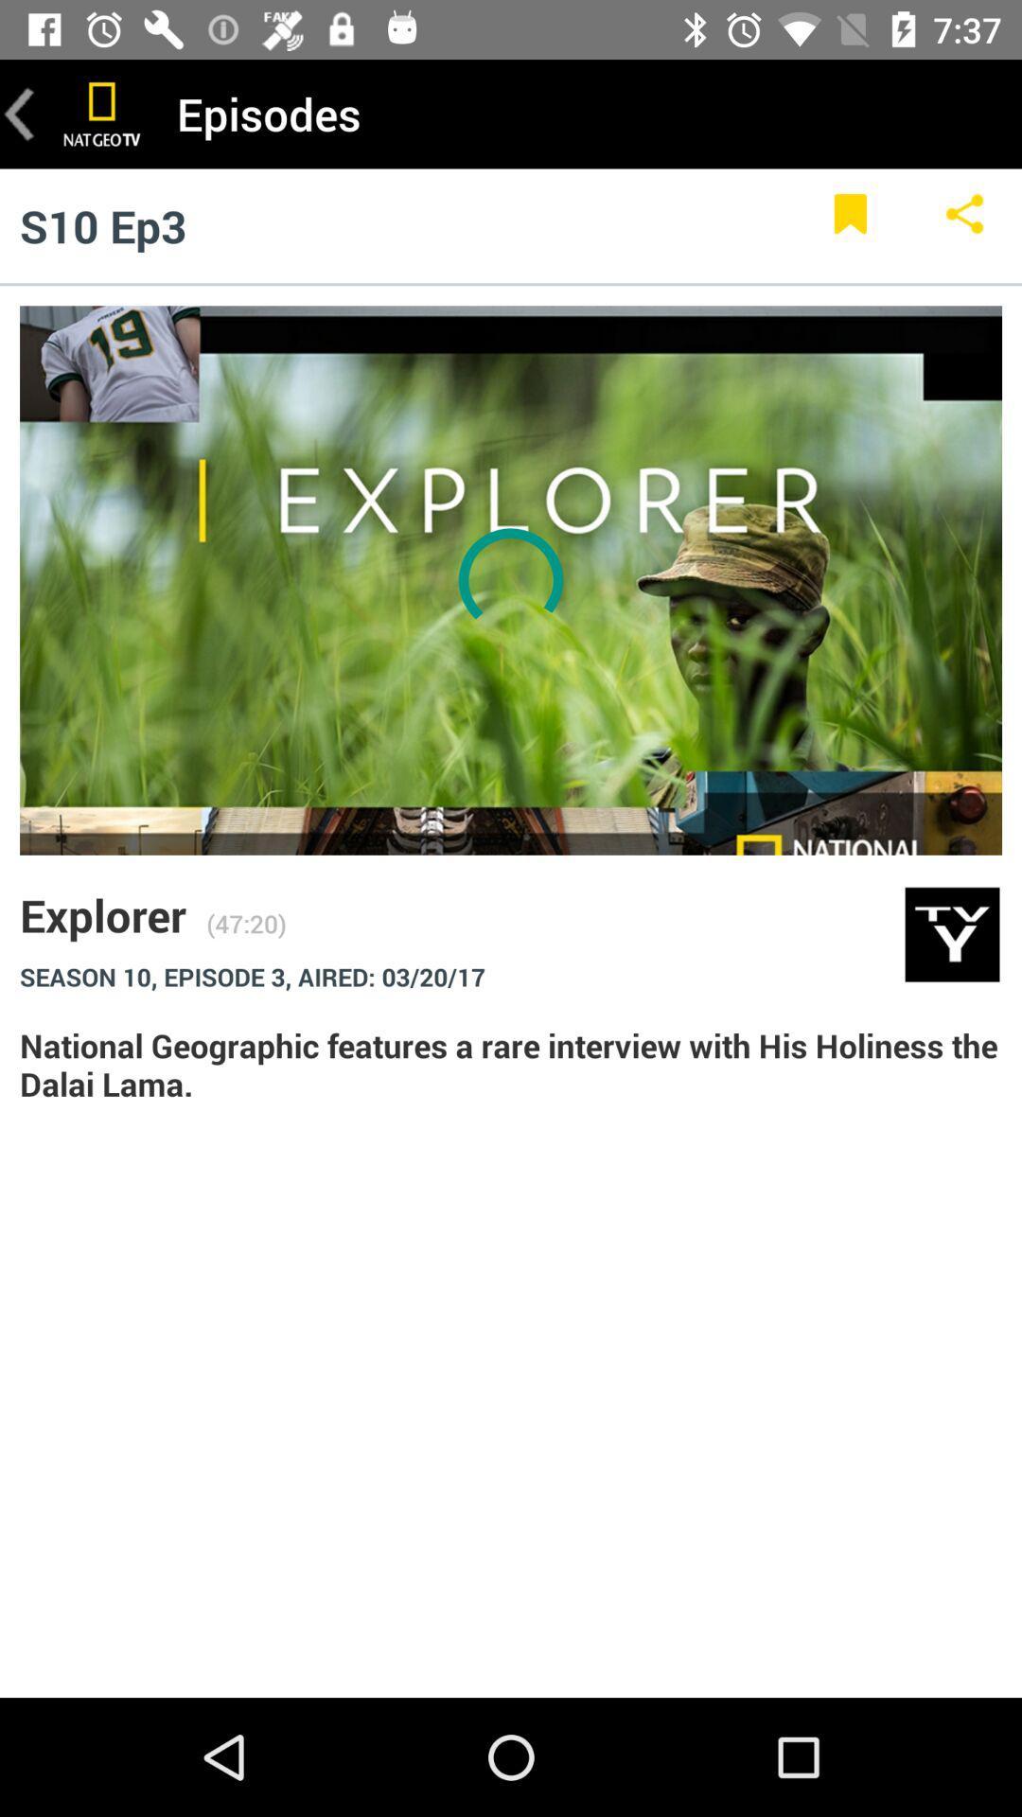 The width and height of the screenshot is (1022, 1817). Describe the element at coordinates (102, 113) in the screenshot. I see `the icon next to the episodes item` at that location.